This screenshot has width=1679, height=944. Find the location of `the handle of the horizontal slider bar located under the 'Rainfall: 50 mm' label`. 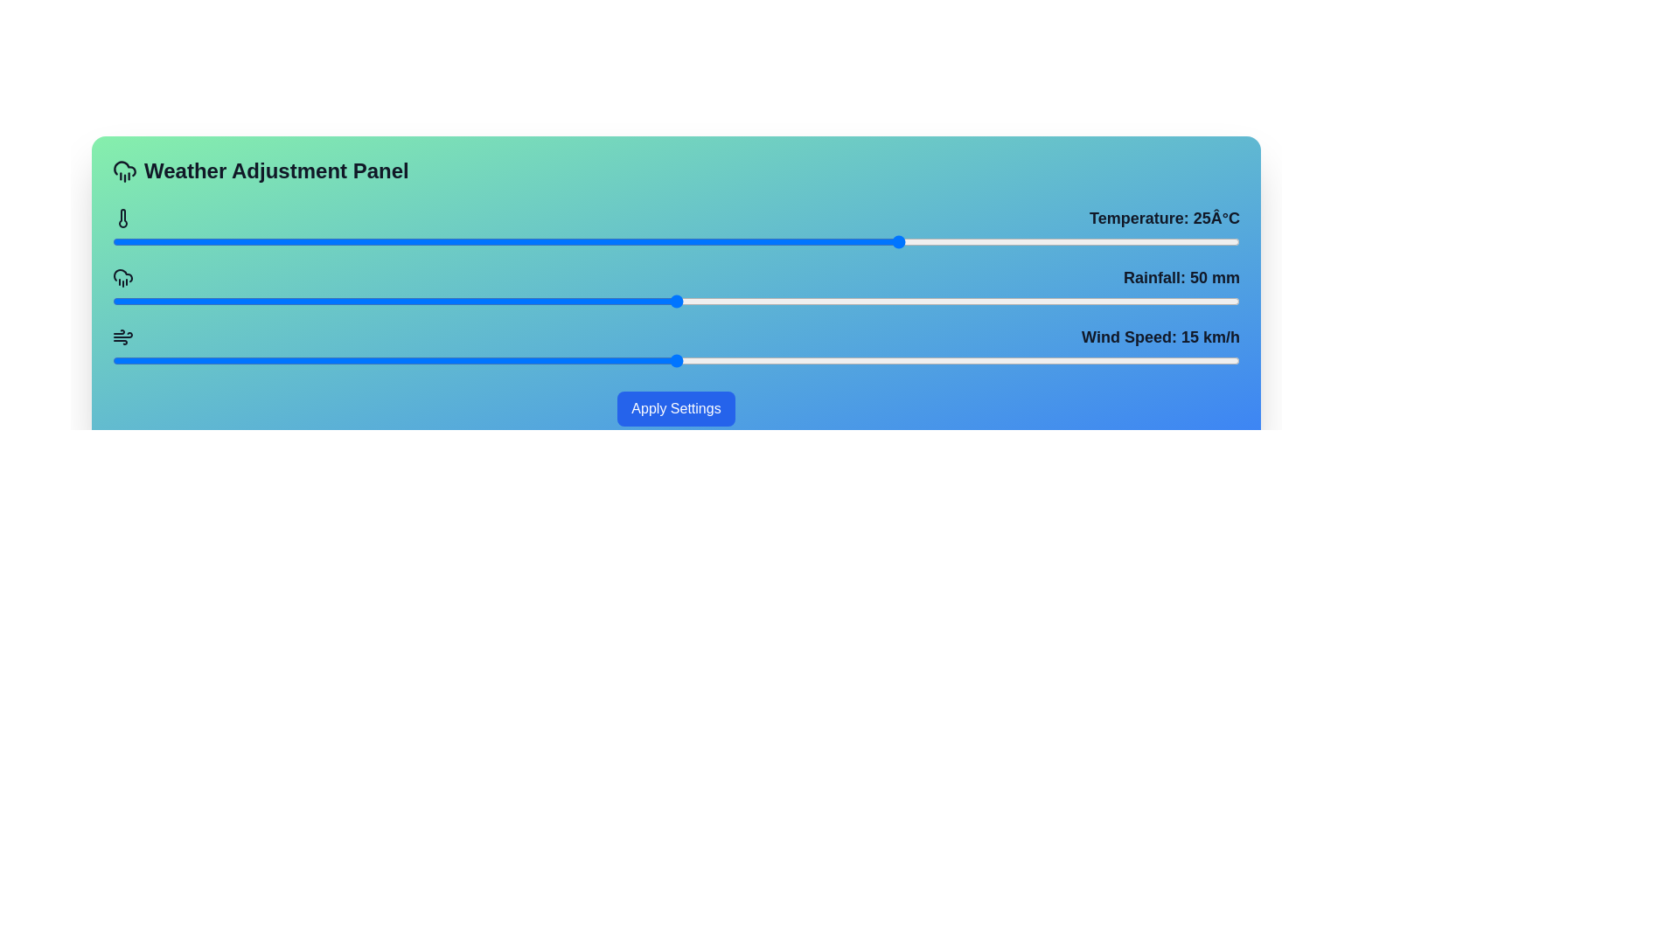

the handle of the horizontal slider bar located under the 'Rainfall: 50 mm' label is located at coordinates (675, 300).